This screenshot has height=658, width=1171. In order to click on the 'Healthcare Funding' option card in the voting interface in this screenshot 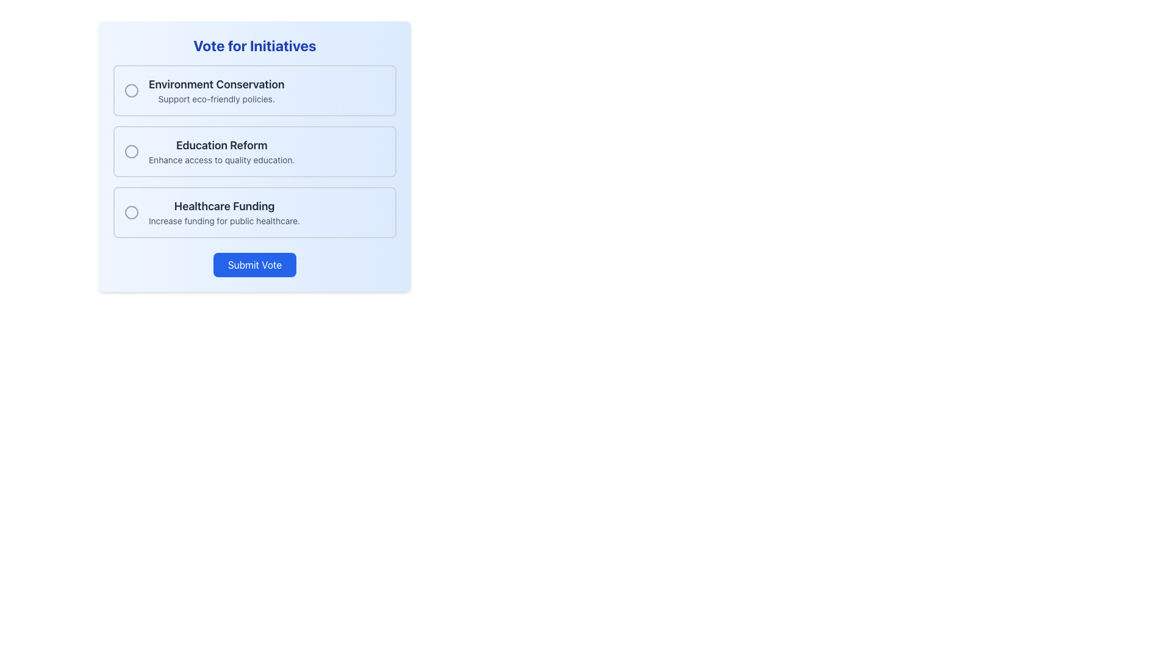, I will do `click(254, 211)`.